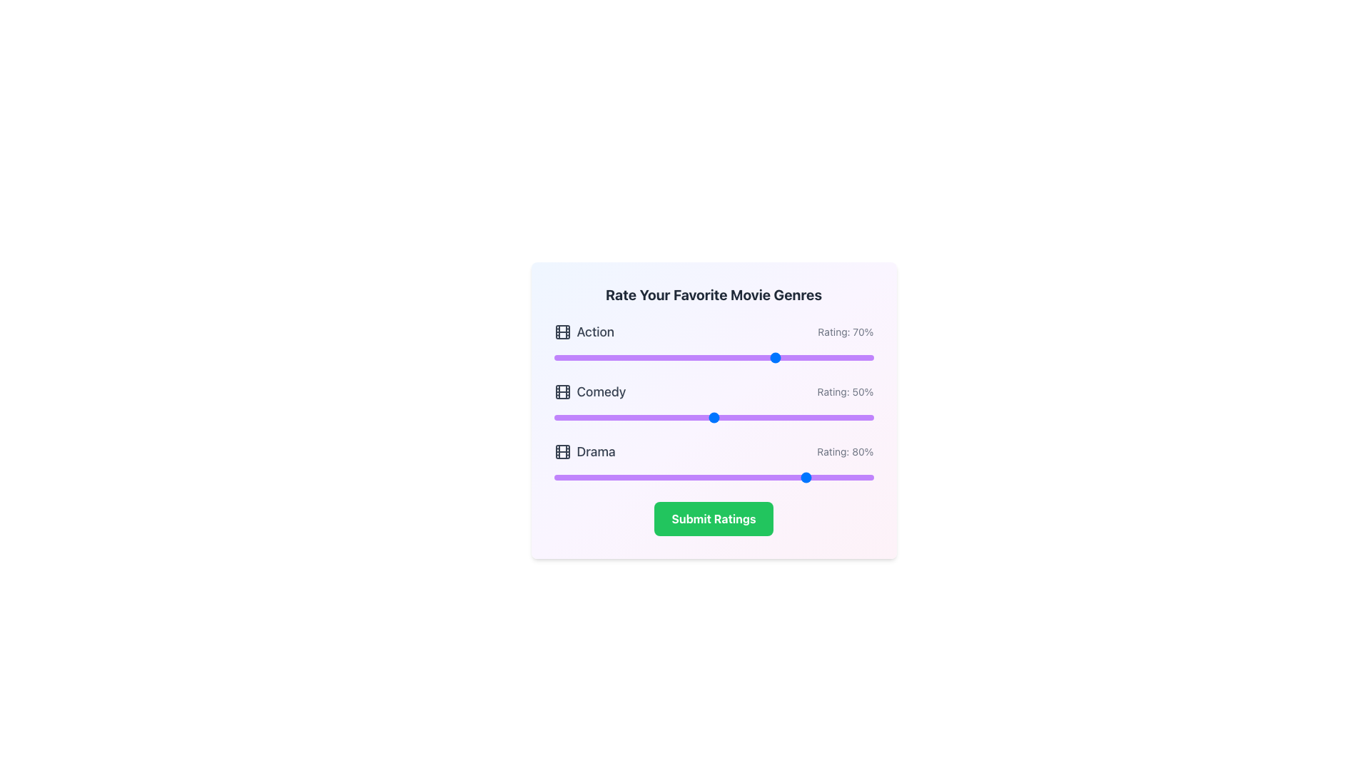  Describe the element at coordinates (562, 392) in the screenshot. I see `the Comedy genre icon in the second row of the movie genres list, which is represented as an SVG graphic component next to the label 'Comedy'` at that location.